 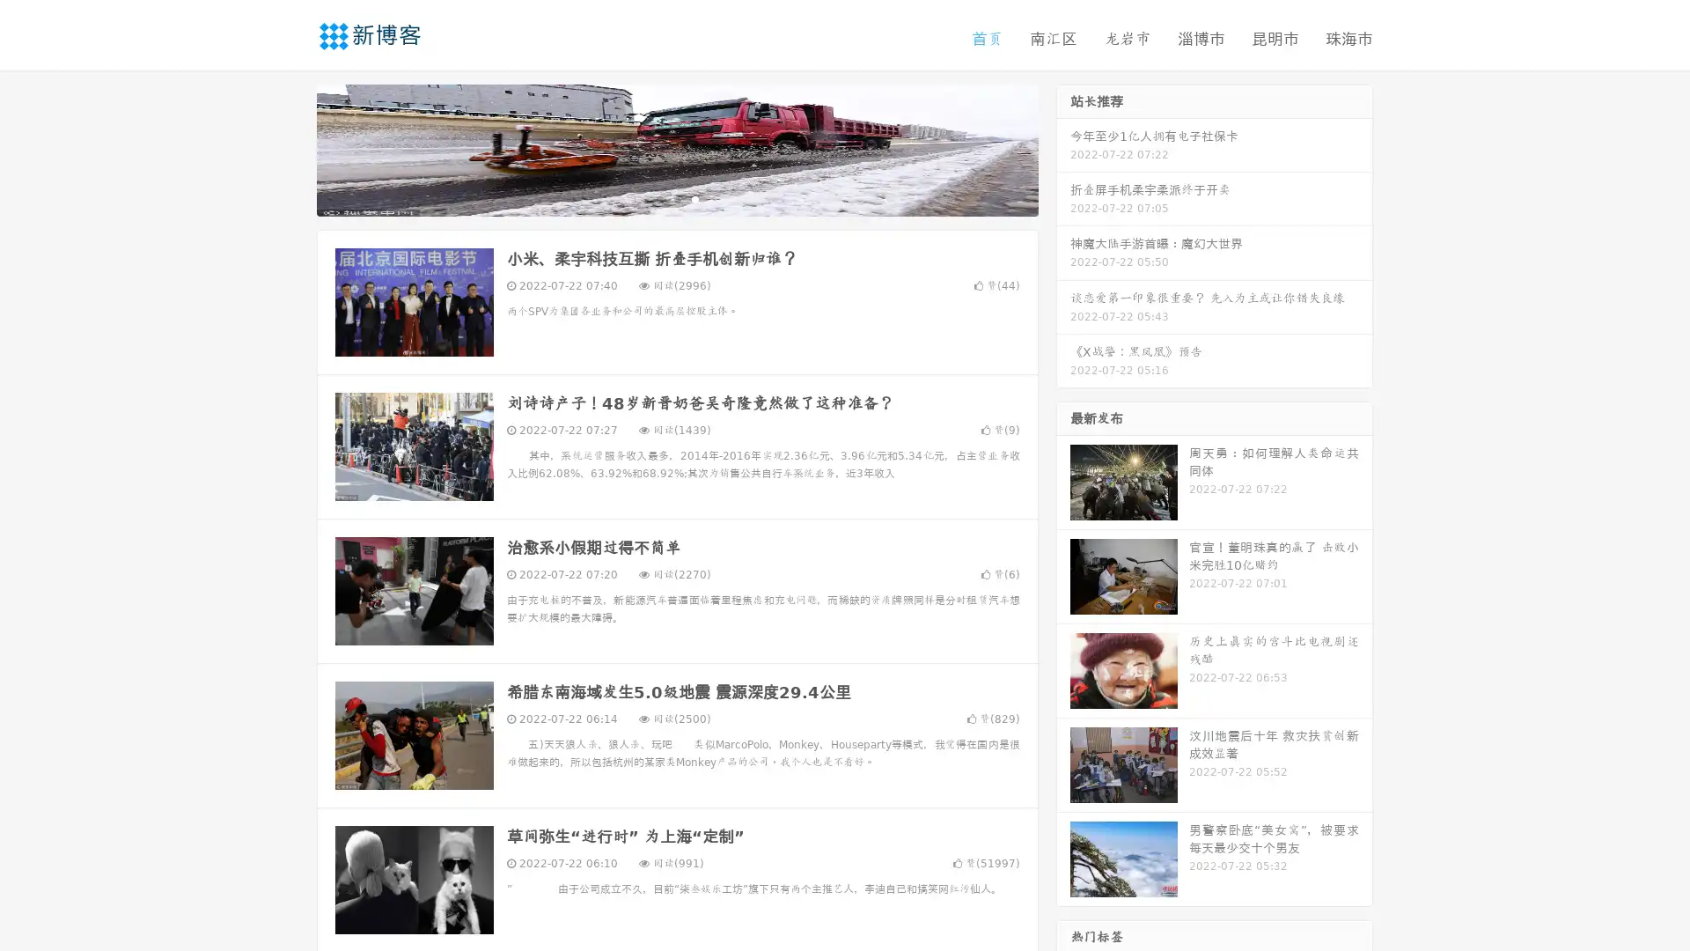 I want to click on Next slide, so click(x=1063, y=148).